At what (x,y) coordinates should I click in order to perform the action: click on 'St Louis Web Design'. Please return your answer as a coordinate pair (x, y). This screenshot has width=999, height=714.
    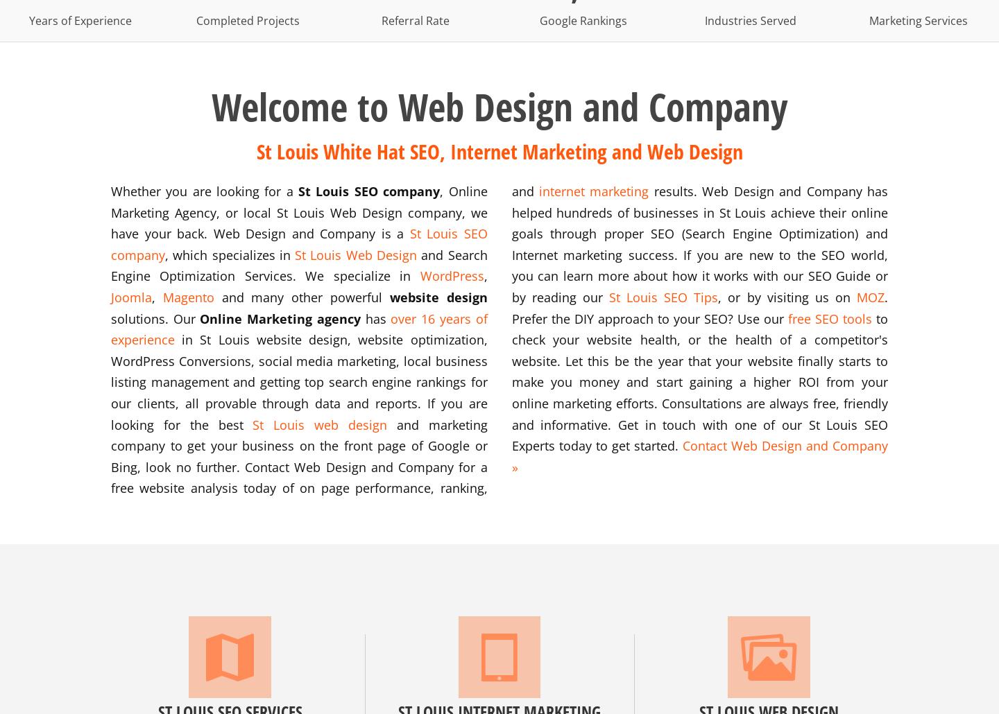
    Looking at the image, I should click on (355, 254).